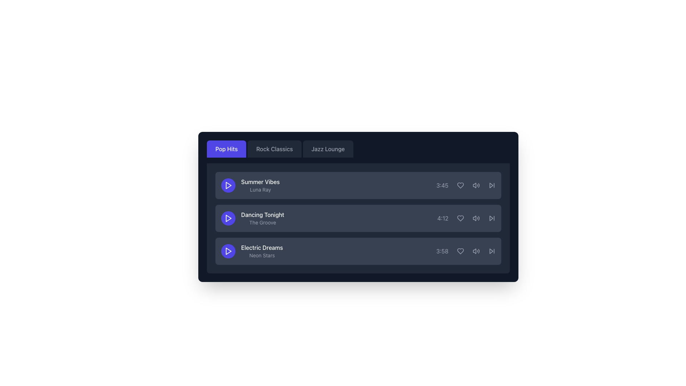 This screenshot has width=686, height=386. What do you see at coordinates (228, 185) in the screenshot?
I see `the play button located to the left of the 'Summer Vibes' text to potentially see additional effects` at bounding box center [228, 185].